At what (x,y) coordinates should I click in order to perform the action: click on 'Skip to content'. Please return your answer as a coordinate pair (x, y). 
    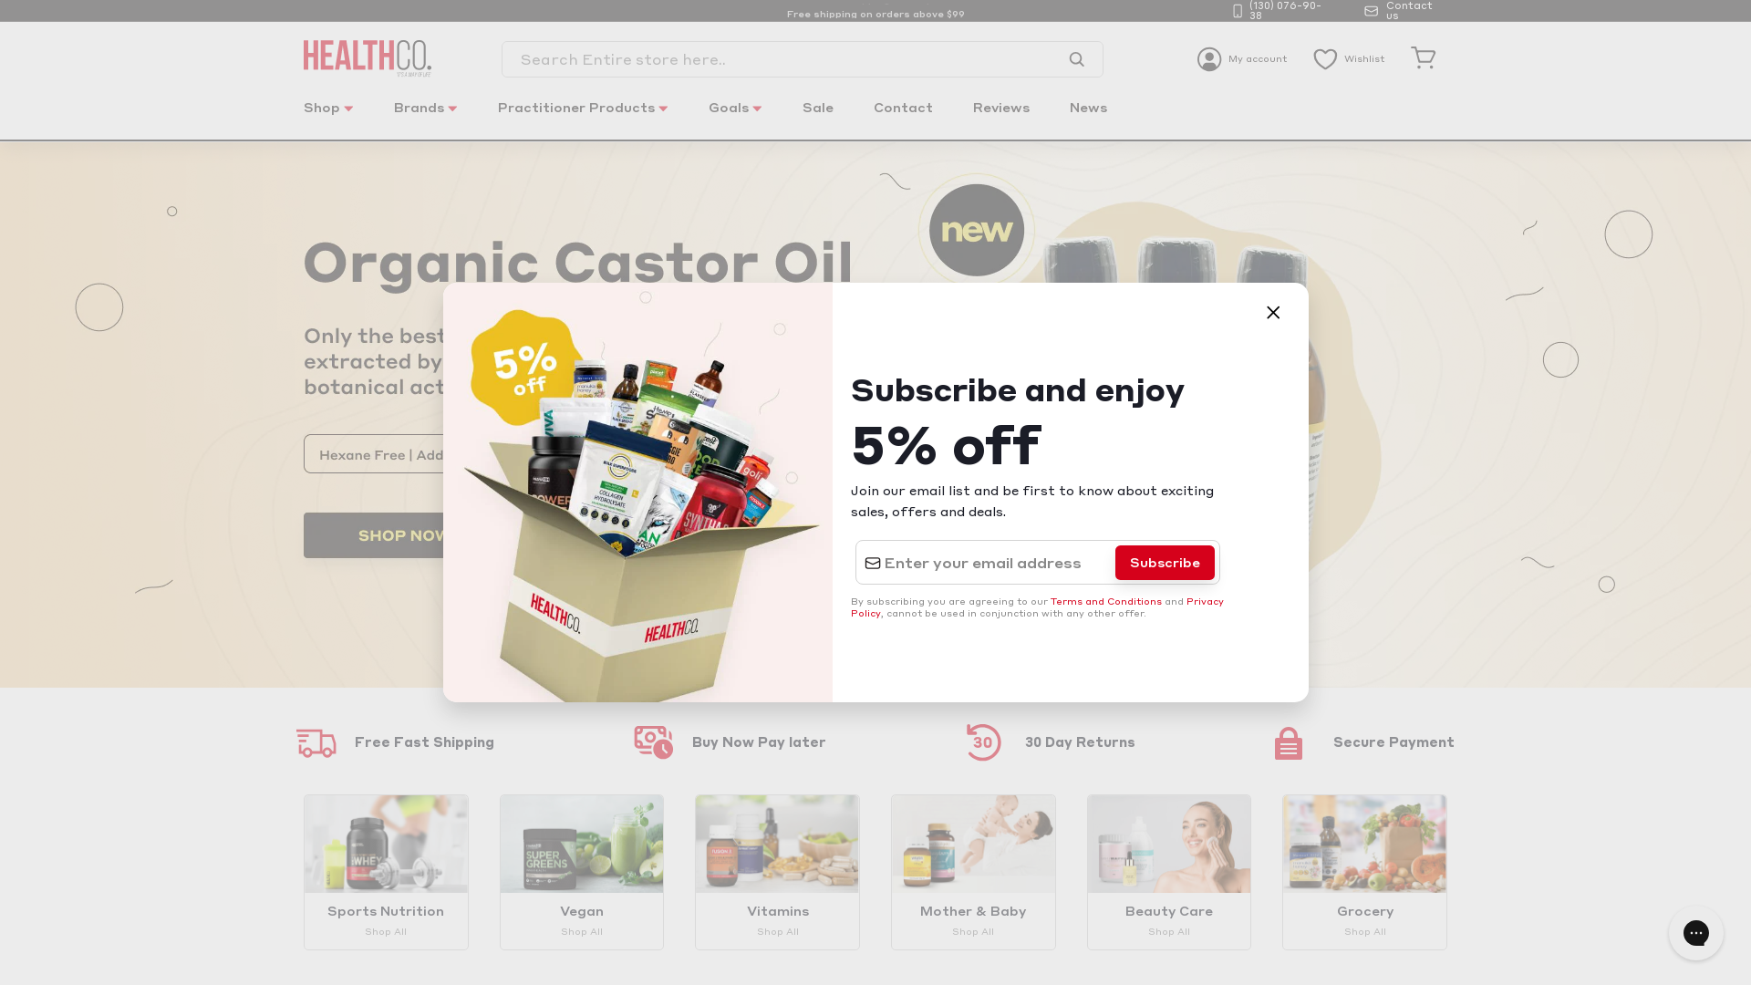
    Looking at the image, I should click on (0, 0).